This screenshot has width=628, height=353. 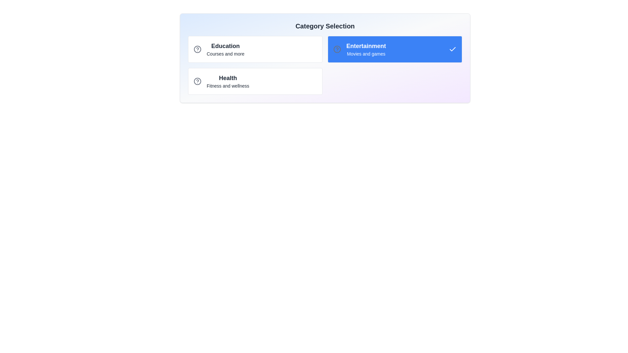 What do you see at coordinates (197, 81) in the screenshot?
I see `the help icon next to the category Health to view its description` at bounding box center [197, 81].